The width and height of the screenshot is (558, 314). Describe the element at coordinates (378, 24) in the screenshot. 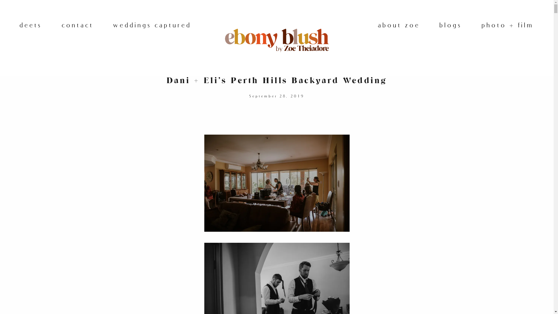

I see `'about zoe'` at that location.